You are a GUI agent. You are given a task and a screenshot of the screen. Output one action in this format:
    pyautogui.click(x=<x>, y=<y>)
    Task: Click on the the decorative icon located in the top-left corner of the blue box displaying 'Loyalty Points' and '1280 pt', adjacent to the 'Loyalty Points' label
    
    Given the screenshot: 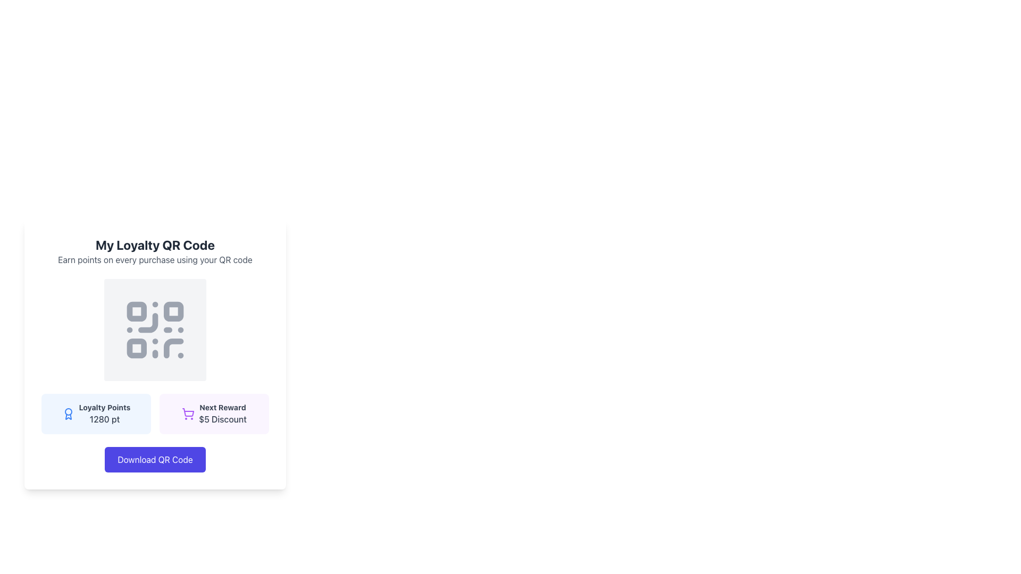 What is the action you would take?
    pyautogui.click(x=68, y=413)
    